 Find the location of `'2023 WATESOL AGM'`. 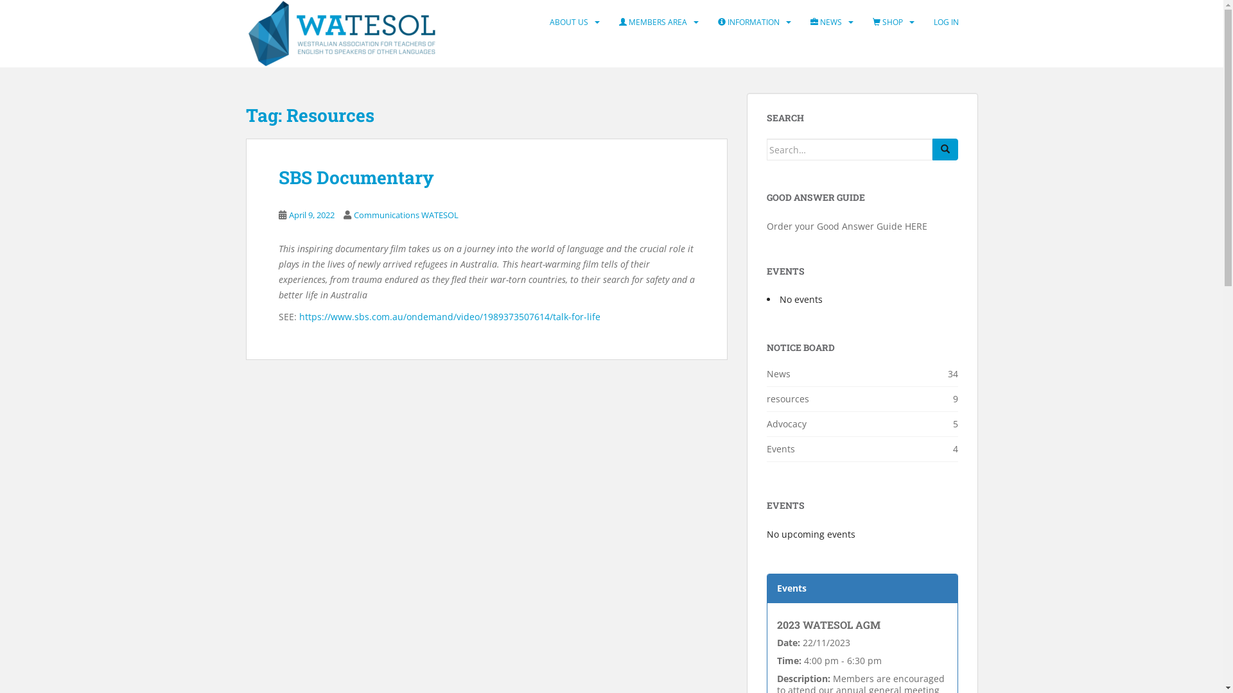

'2023 WATESOL AGM' is located at coordinates (828, 624).